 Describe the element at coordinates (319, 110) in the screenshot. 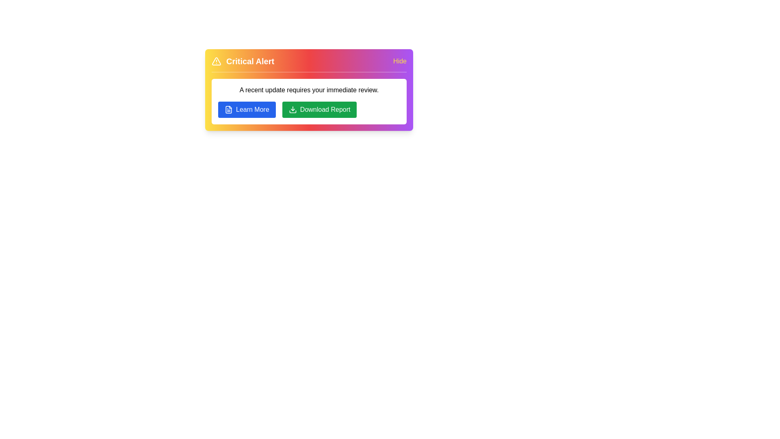

I see `the 'Download Report' button to download the report` at that location.